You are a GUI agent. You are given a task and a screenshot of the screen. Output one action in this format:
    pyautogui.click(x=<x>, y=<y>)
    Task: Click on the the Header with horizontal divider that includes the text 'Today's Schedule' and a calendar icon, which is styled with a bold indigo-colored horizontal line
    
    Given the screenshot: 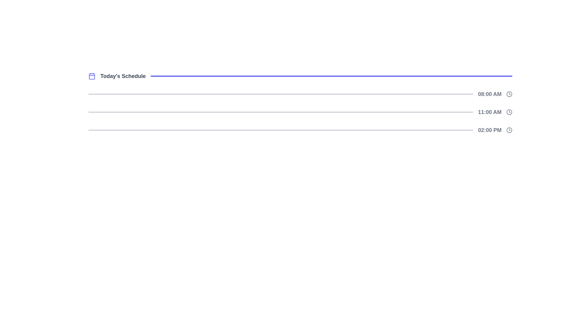 What is the action you would take?
    pyautogui.click(x=300, y=76)
    